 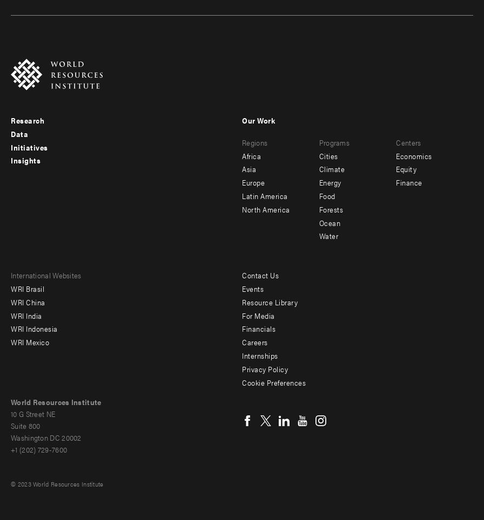 I want to click on 'Research', so click(x=27, y=120).